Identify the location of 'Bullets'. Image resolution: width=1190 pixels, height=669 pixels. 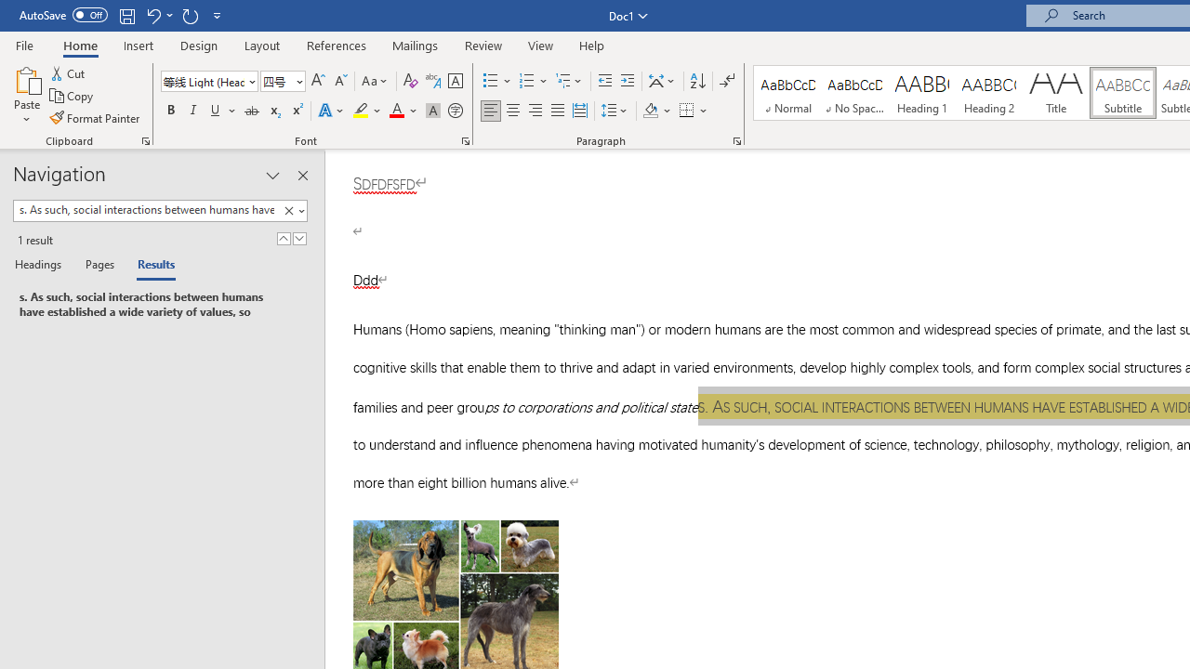
(491, 80).